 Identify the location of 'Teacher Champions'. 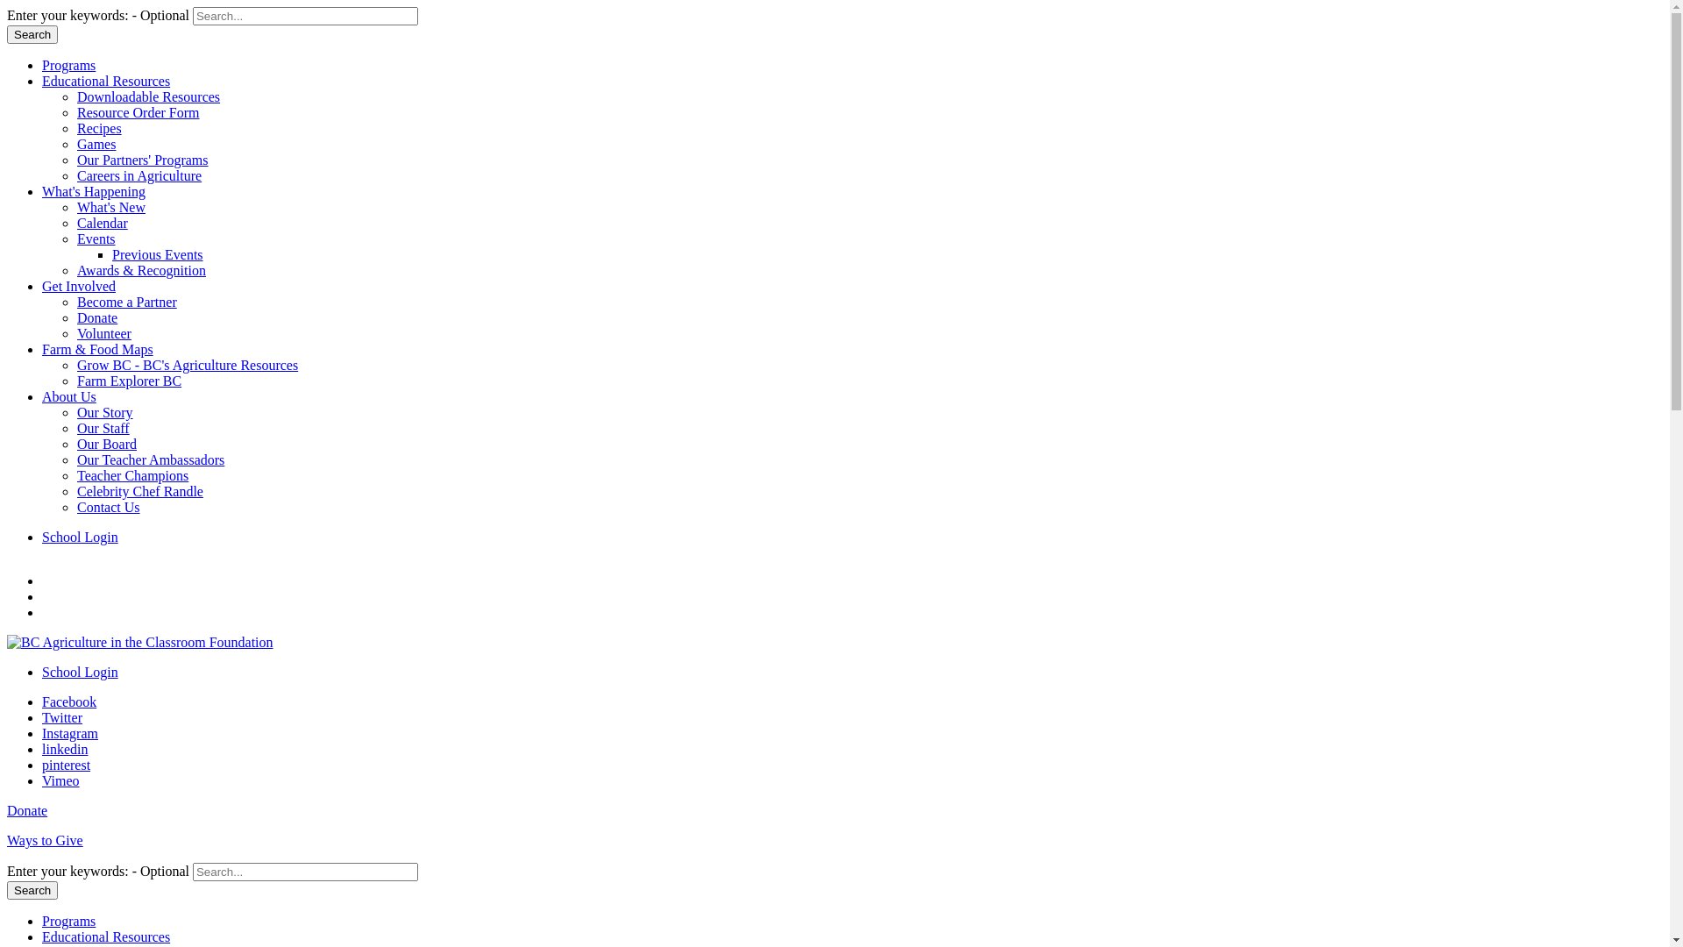
(131, 475).